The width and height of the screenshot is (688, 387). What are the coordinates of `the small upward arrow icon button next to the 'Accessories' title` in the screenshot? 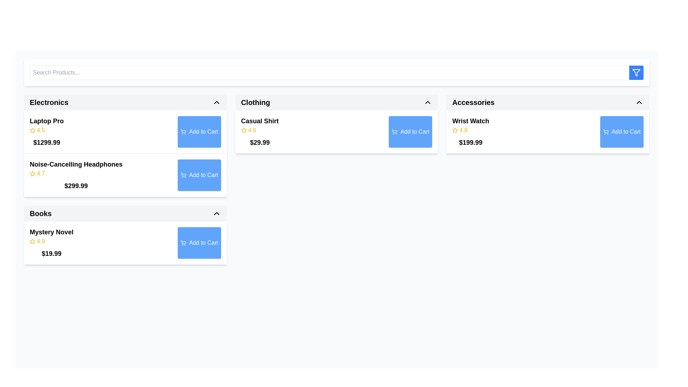 It's located at (639, 102).